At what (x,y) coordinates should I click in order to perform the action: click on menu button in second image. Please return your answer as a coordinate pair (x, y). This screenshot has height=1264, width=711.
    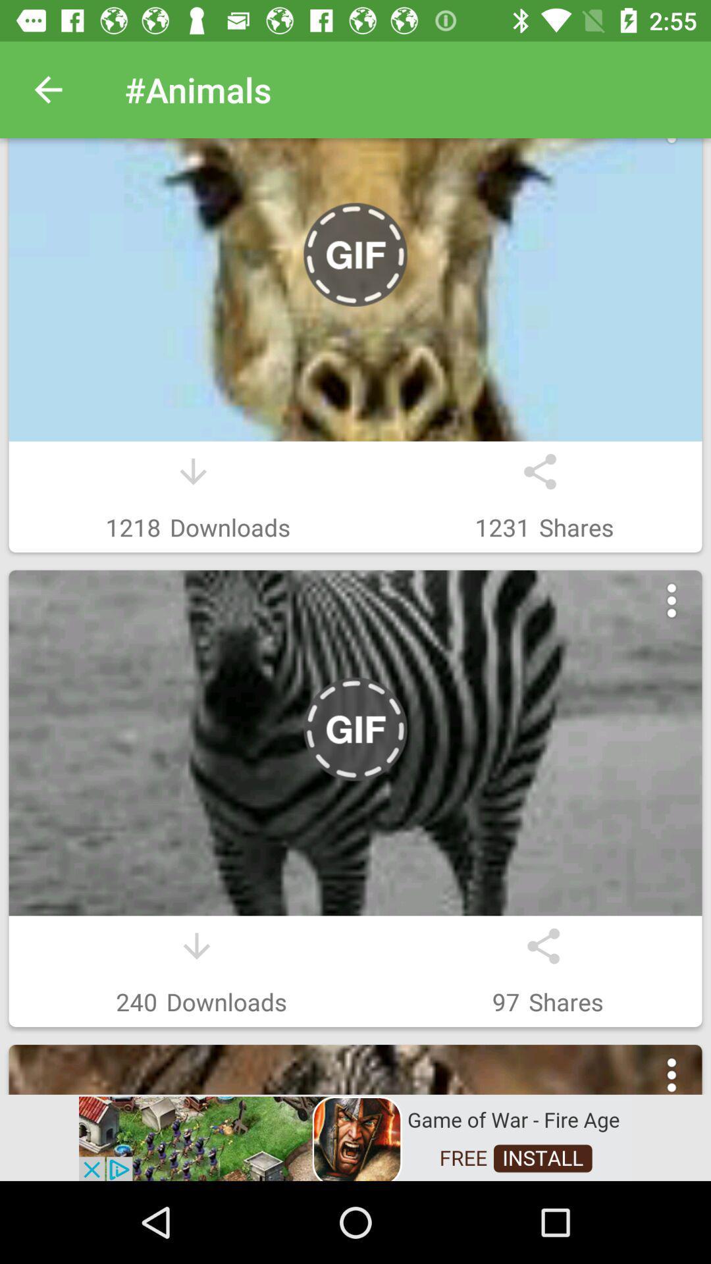
    Looking at the image, I should click on (671, 600).